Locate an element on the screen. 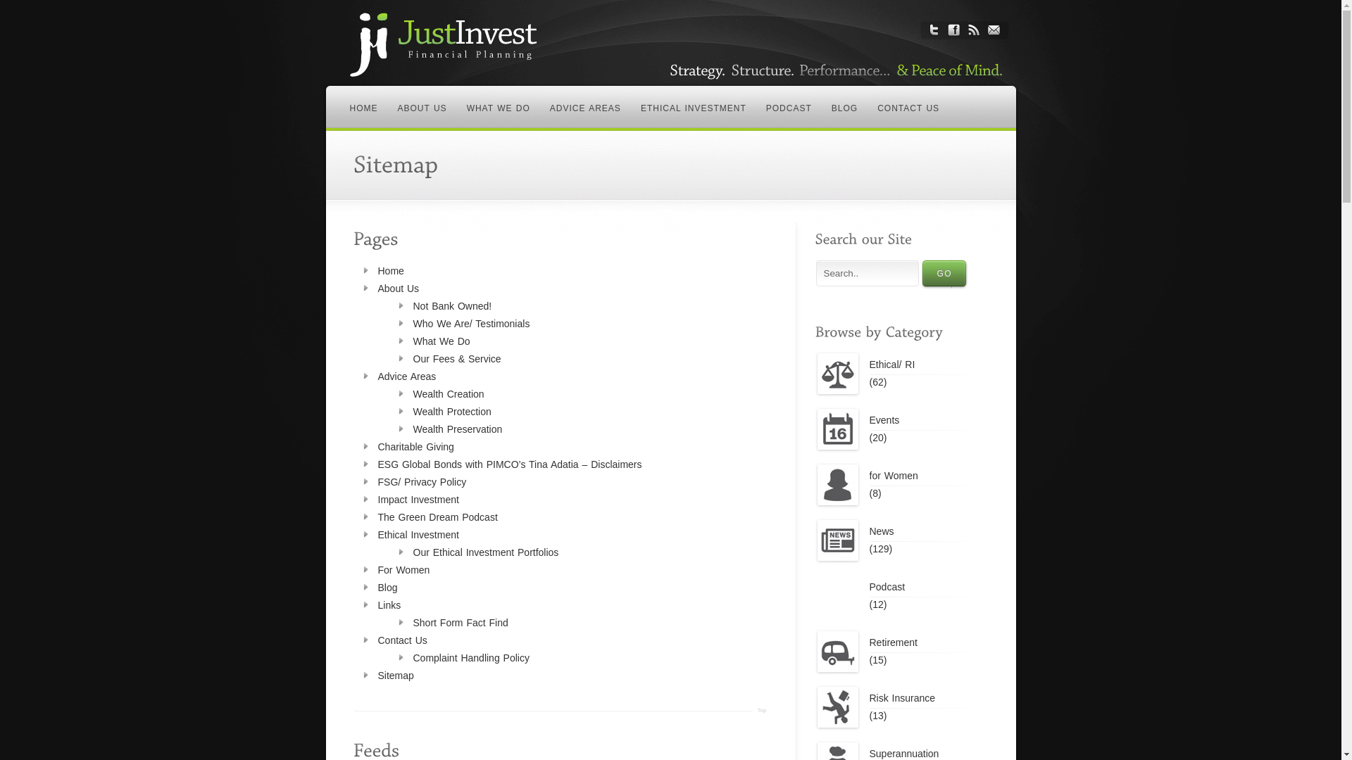 The width and height of the screenshot is (1352, 760). 'Our Fees & Service' is located at coordinates (456, 357).